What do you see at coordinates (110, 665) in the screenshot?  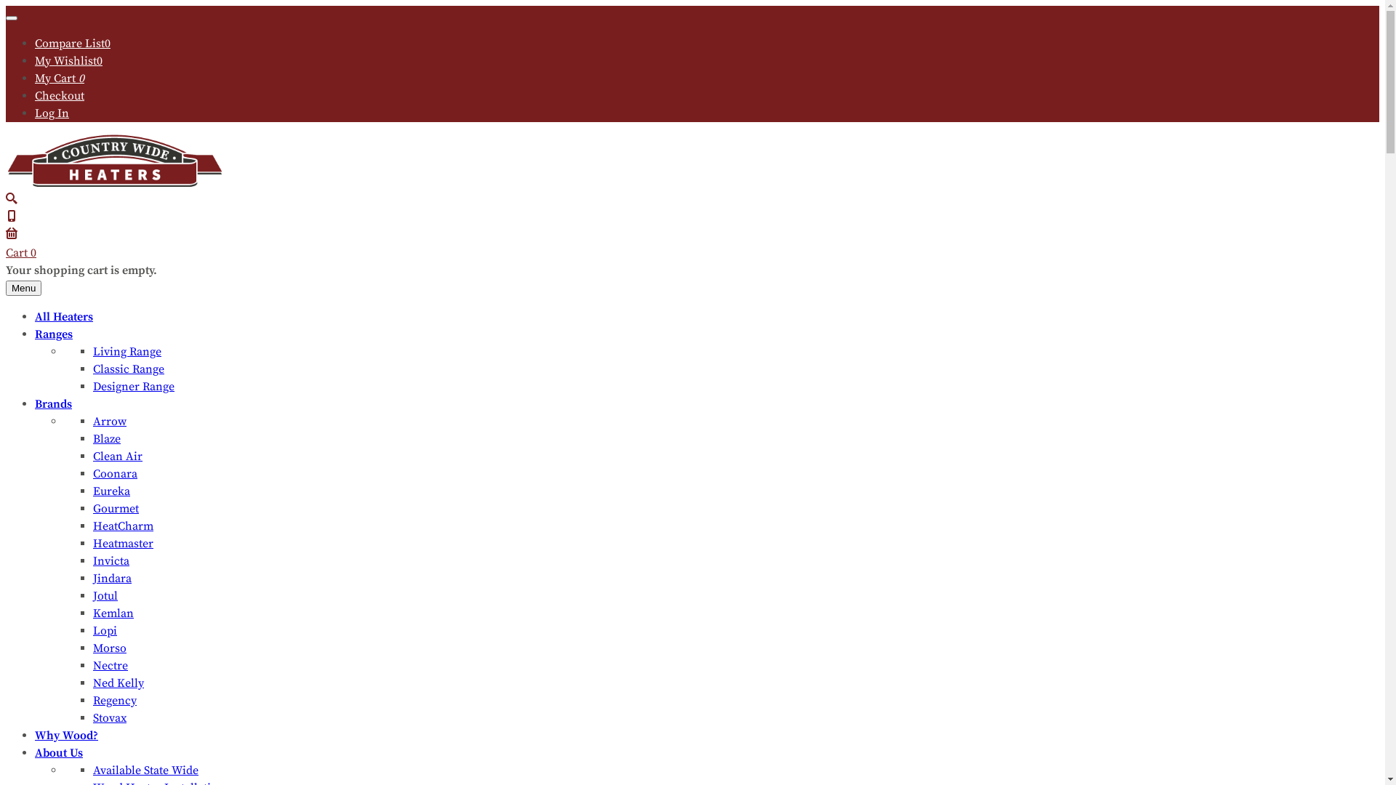 I see `'Nectre'` at bounding box center [110, 665].